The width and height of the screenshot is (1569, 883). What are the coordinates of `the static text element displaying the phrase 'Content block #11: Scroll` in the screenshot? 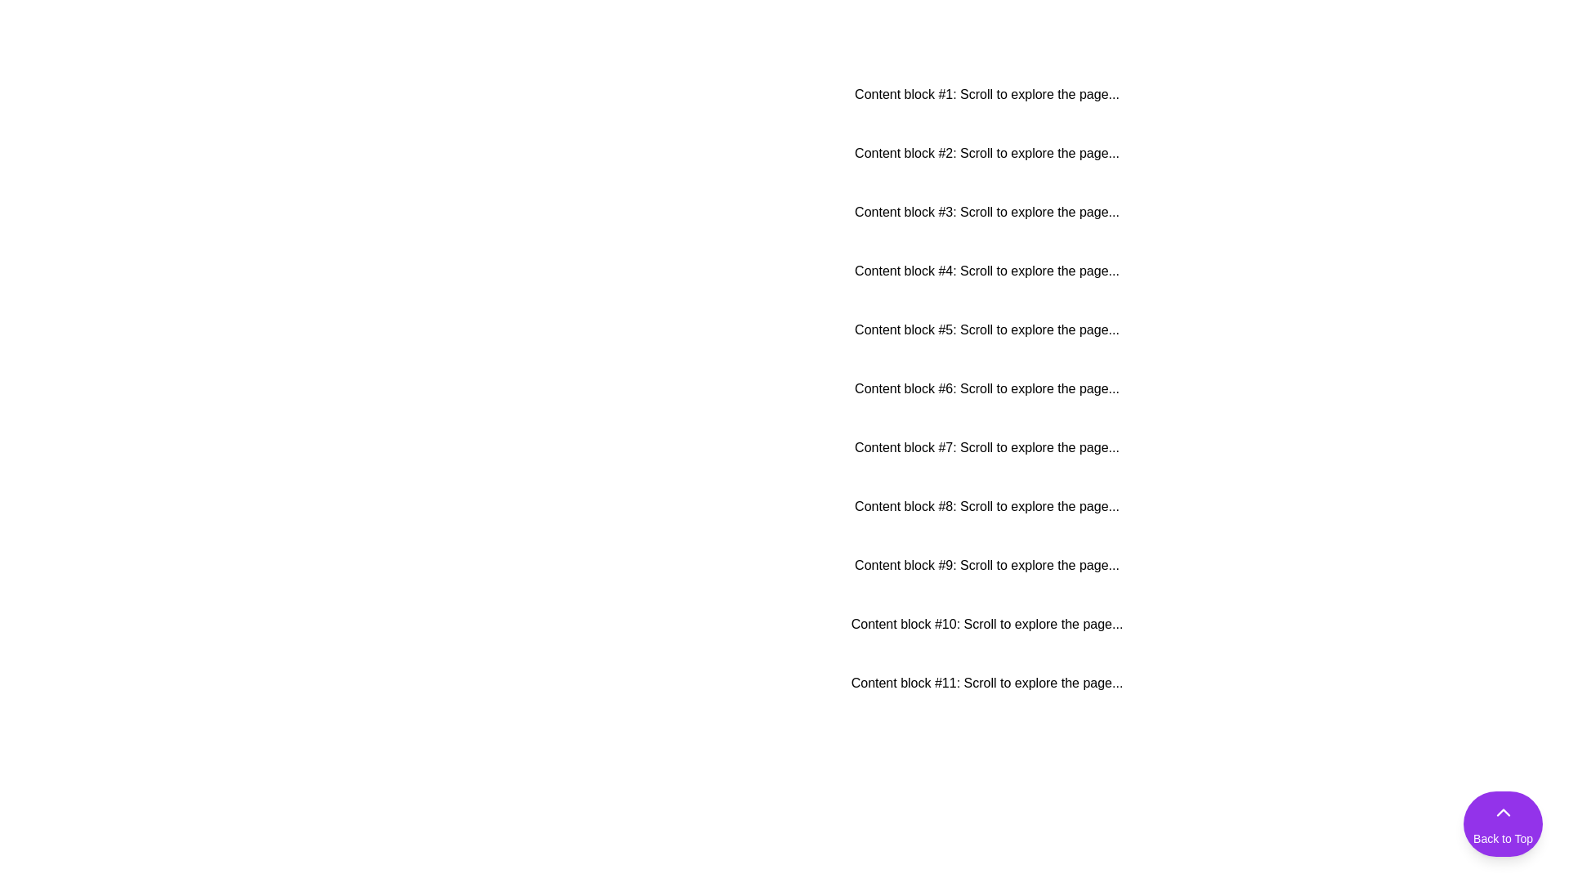 It's located at (986, 684).